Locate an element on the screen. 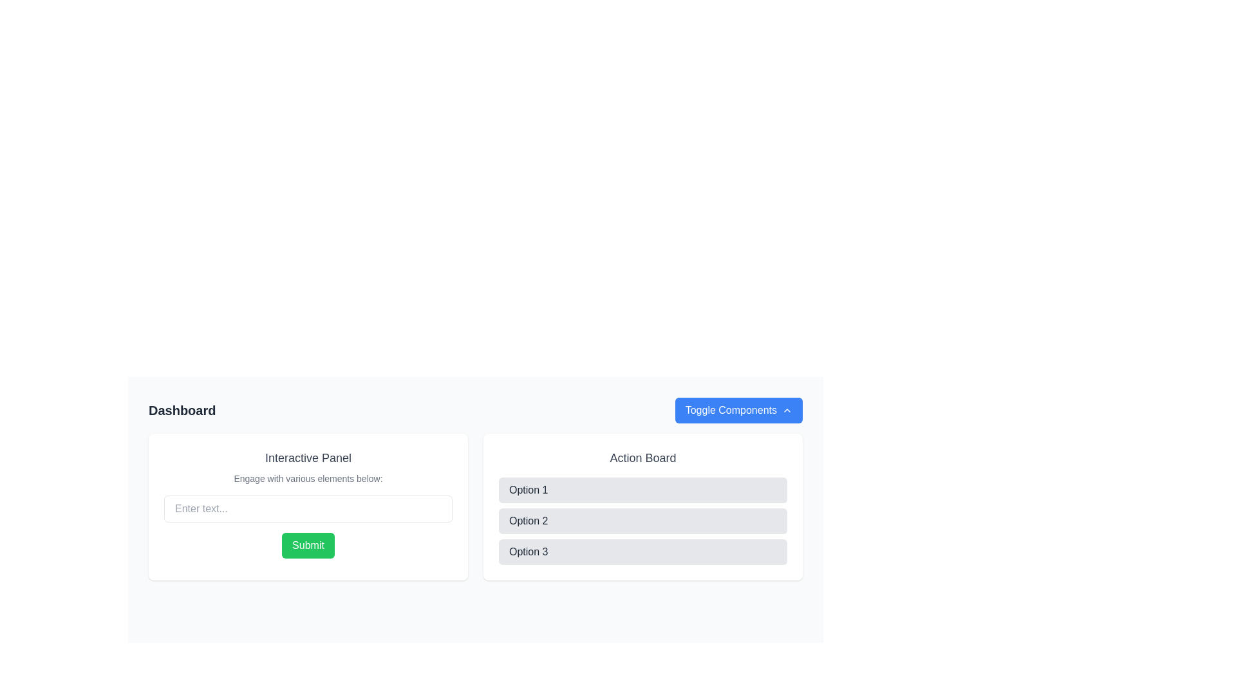 This screenshot has height=695, width=1236. the upward-facing chevron icon located to the right of the 'Toggle Components' text within the blue button is located at coordinates (787, 410).